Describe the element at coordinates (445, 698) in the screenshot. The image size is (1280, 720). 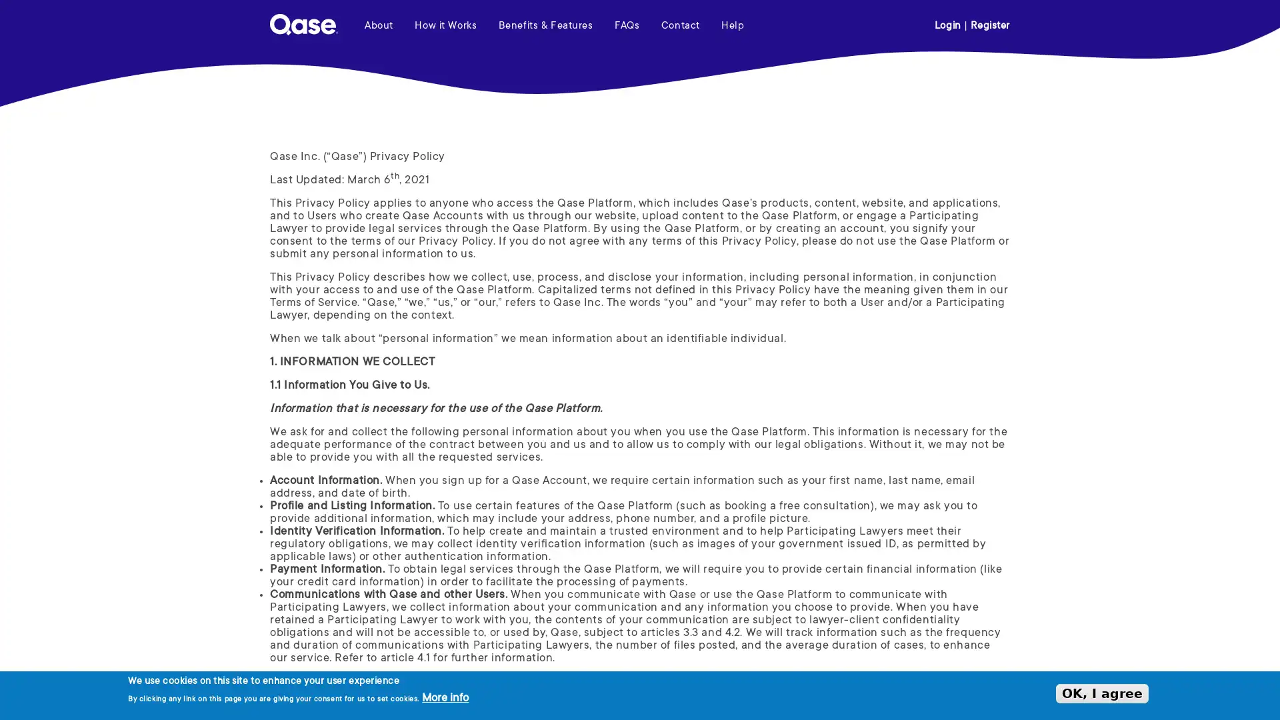
I see `More info` at that location.